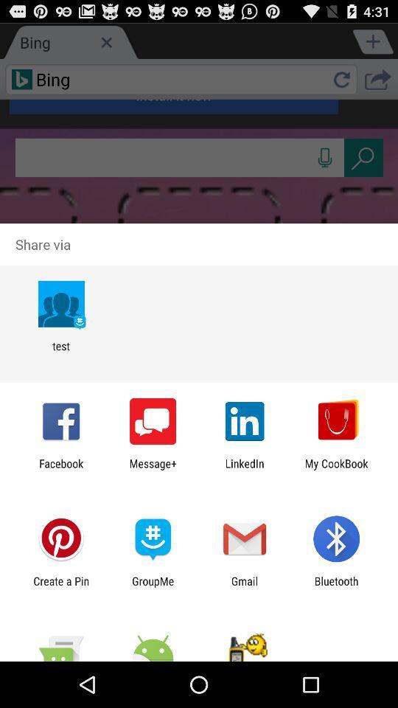 The width and height of the screenshot is (398, 708). What do you see at coordinates (60, 587) in the screenshot?
I see `the create a pin` at bounding box center [60, 587].